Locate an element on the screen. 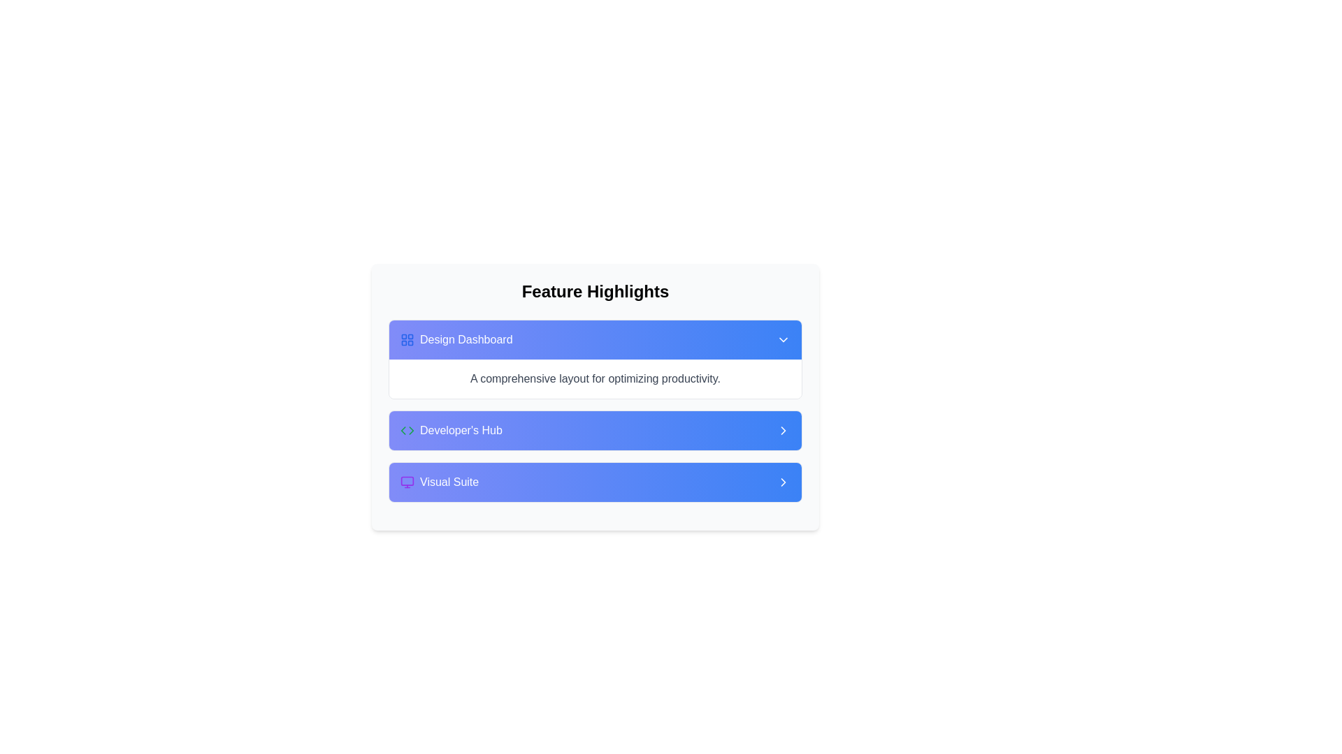 Image resolution: width=1342 pixels, height=754 pixels. the small, downward-pointing chevron icon in the header bar of the 'Design Dashboard' section is located at coordinates (784, 339).